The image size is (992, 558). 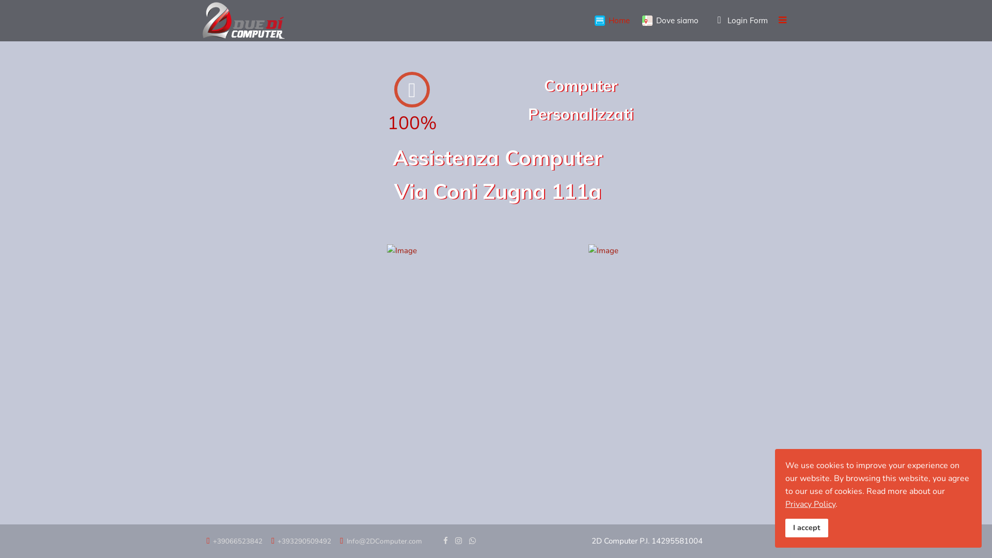 I want to click on 'Dove siamo', so click(x=670, y=20).